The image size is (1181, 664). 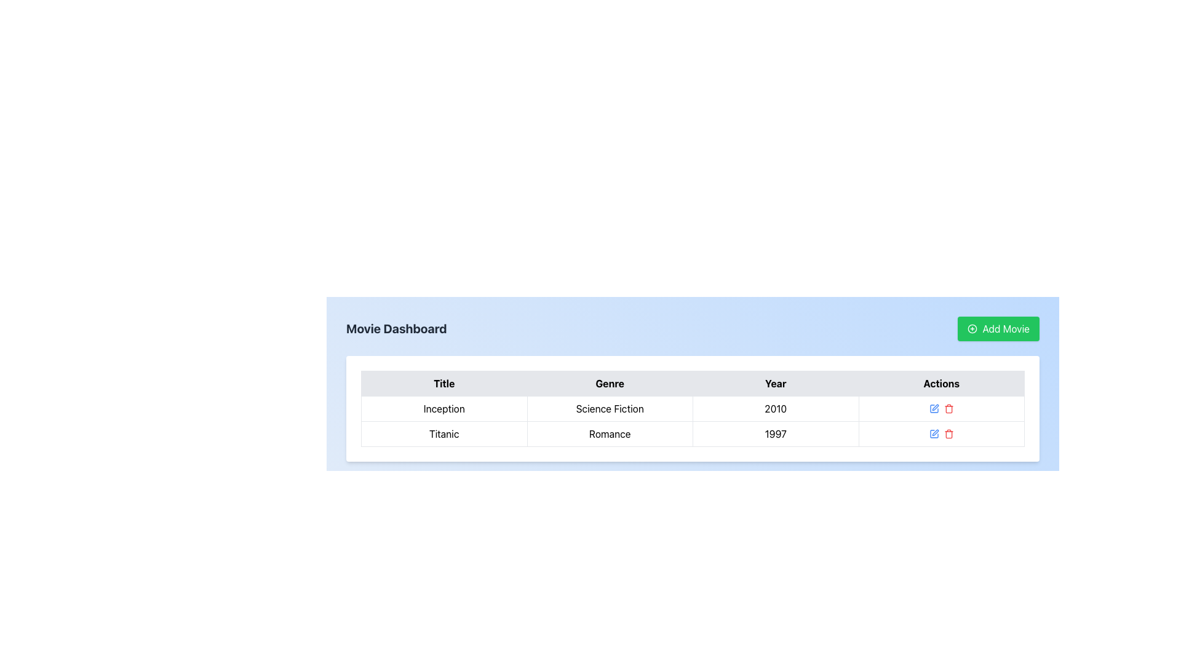 I want to click on the Table Header labeled 'Year', which is the third element in the header row of the table, displaying the text in bold on a grey background, so click(x=775, y=383).